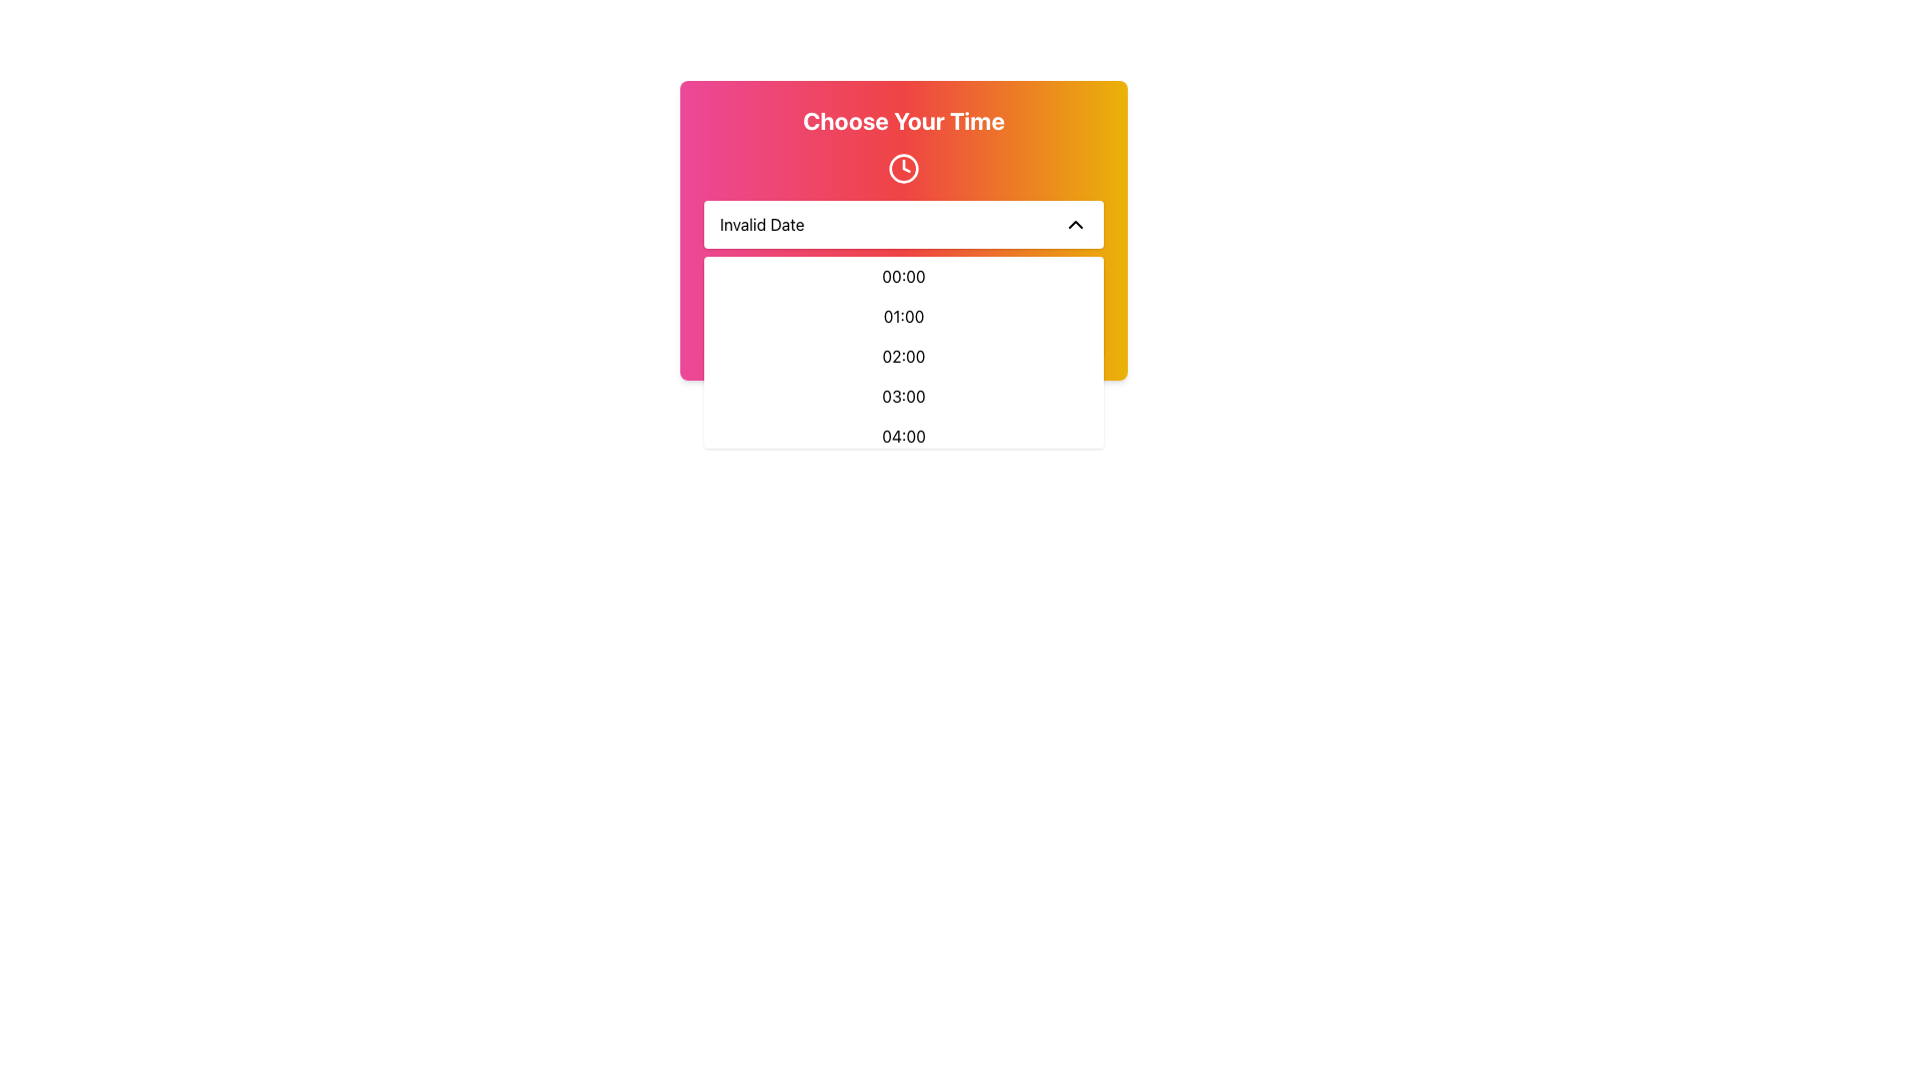 Image resolution: width=1918 pixels, height=1079 pixels. I want to click on the dropdown icon located on the right side of the 'Invalid Date' text, which allows toggling the visibility of the dropdown options, so click(1074, 224).